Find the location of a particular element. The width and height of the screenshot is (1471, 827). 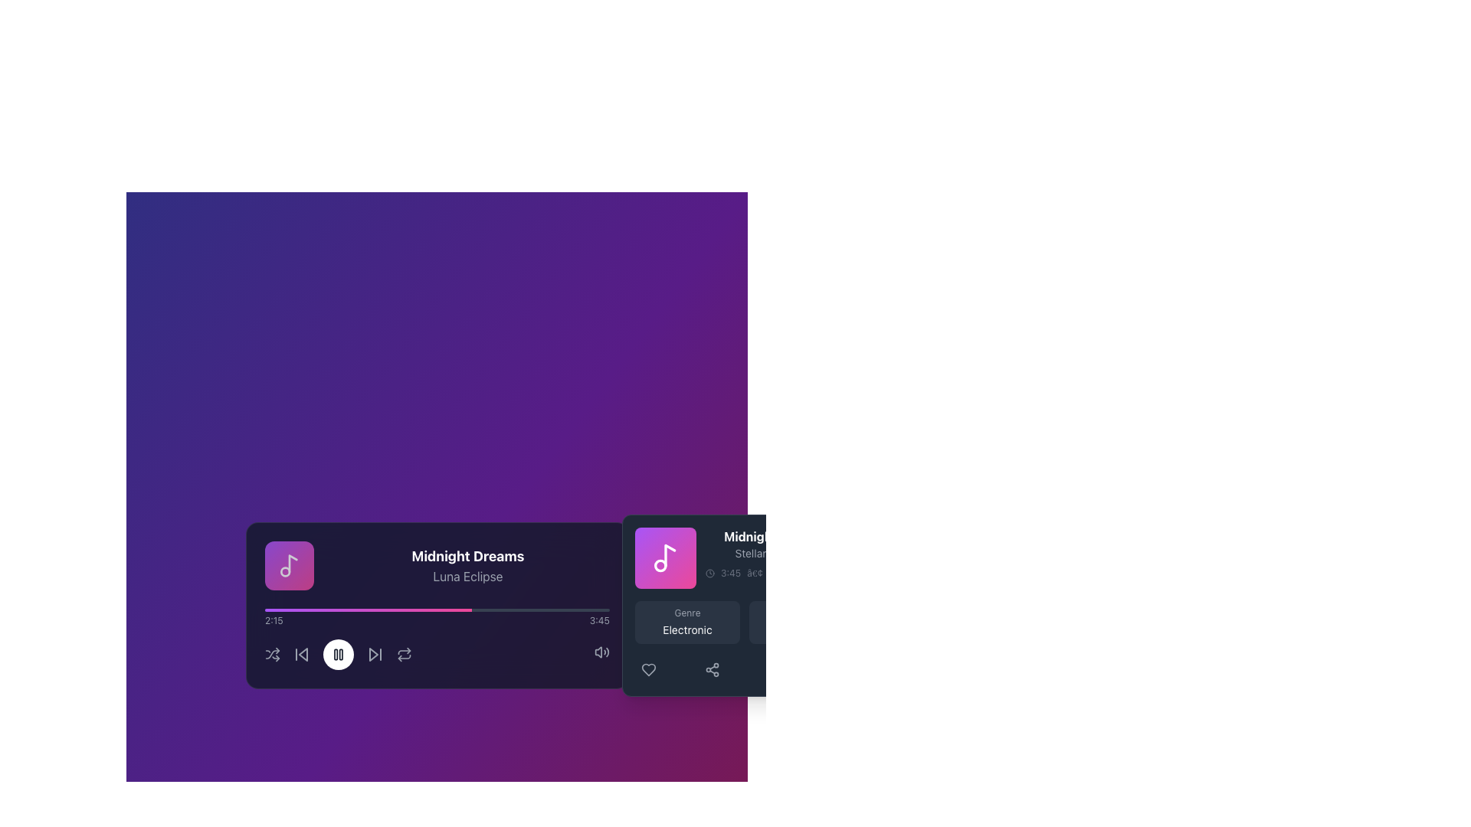

the heart icon button located on the left side of the interactive section at the bottom of the card-like UI component is located at coordinates (648, 669).